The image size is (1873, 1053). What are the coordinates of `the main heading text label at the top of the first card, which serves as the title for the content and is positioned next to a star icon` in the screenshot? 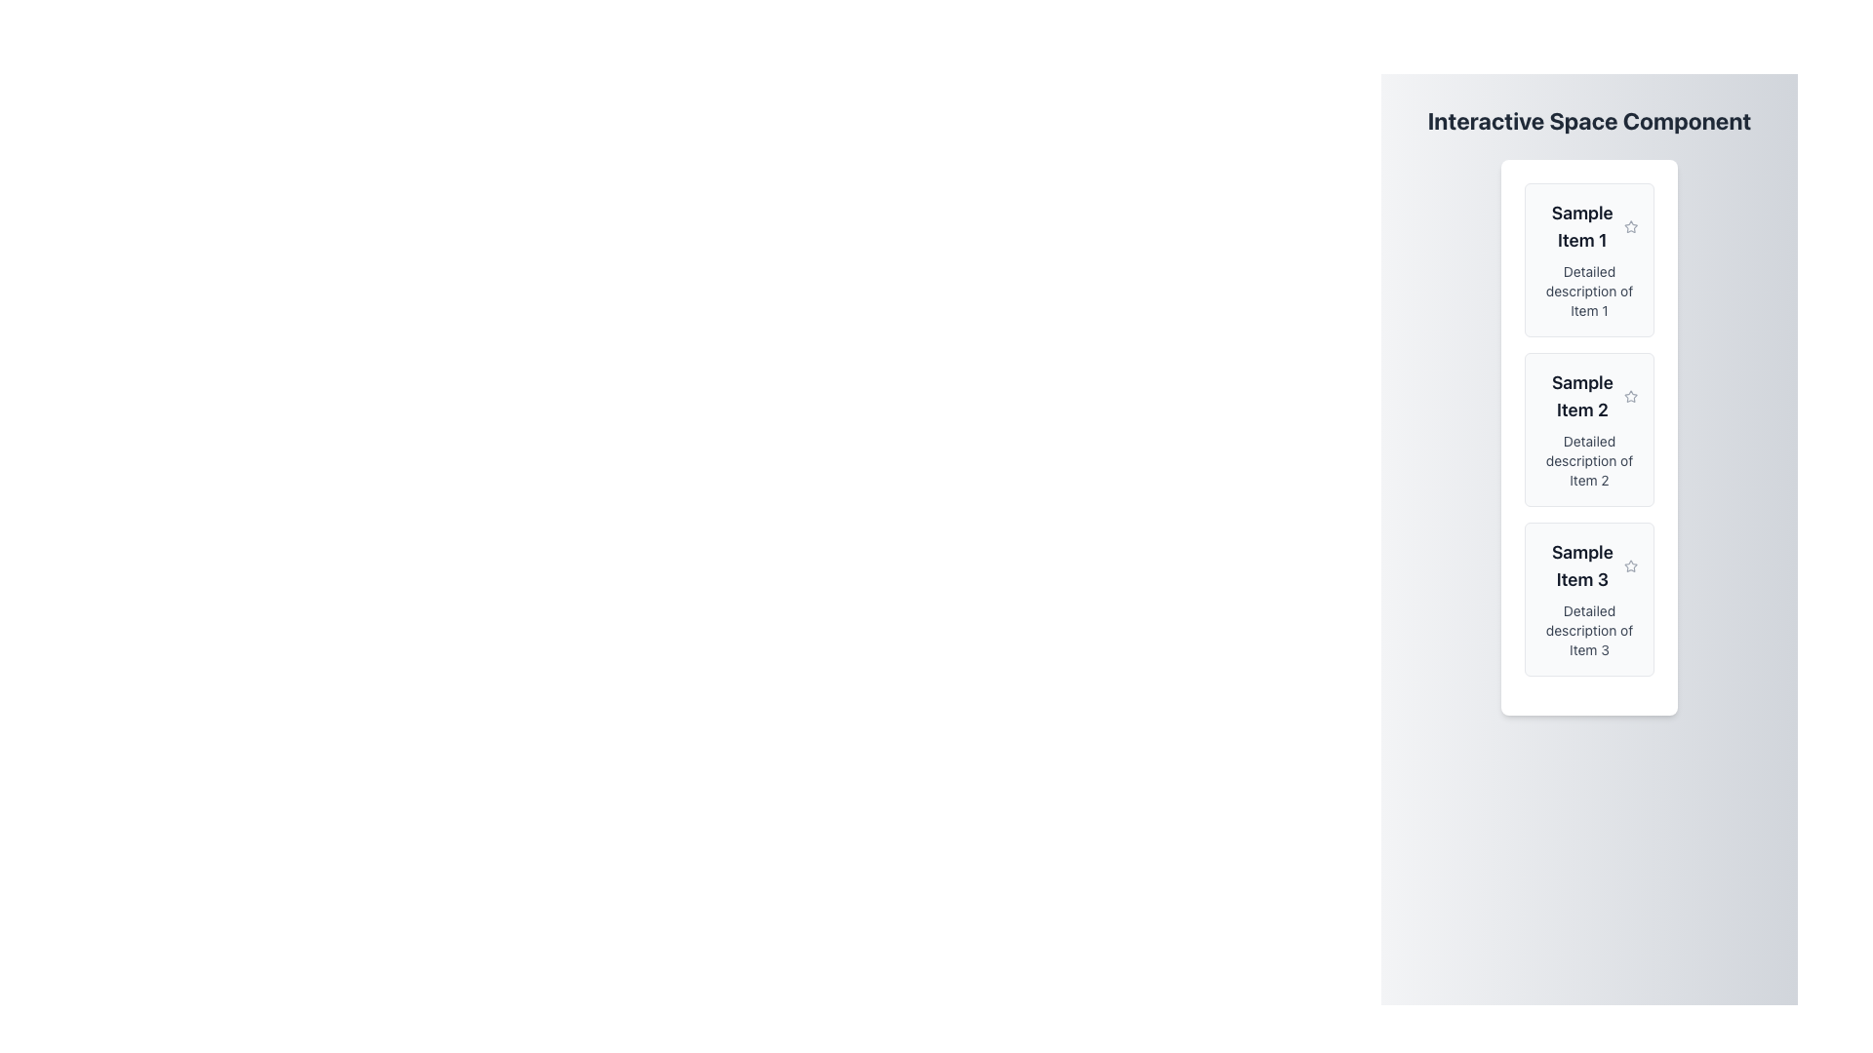 It's located at (1589, 225).